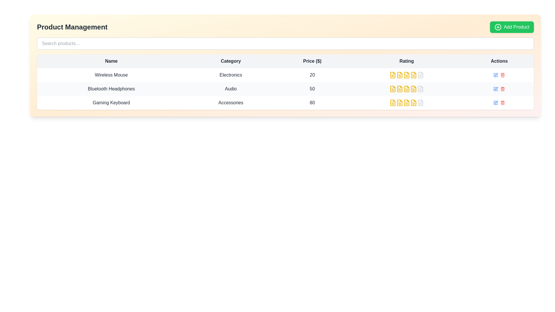  I want to click on the document file icon with a folded corner in the 'Rating' column of the third data row ('Gaming Keyboard'), which is the fifth icon in the set, so click(420, 102).